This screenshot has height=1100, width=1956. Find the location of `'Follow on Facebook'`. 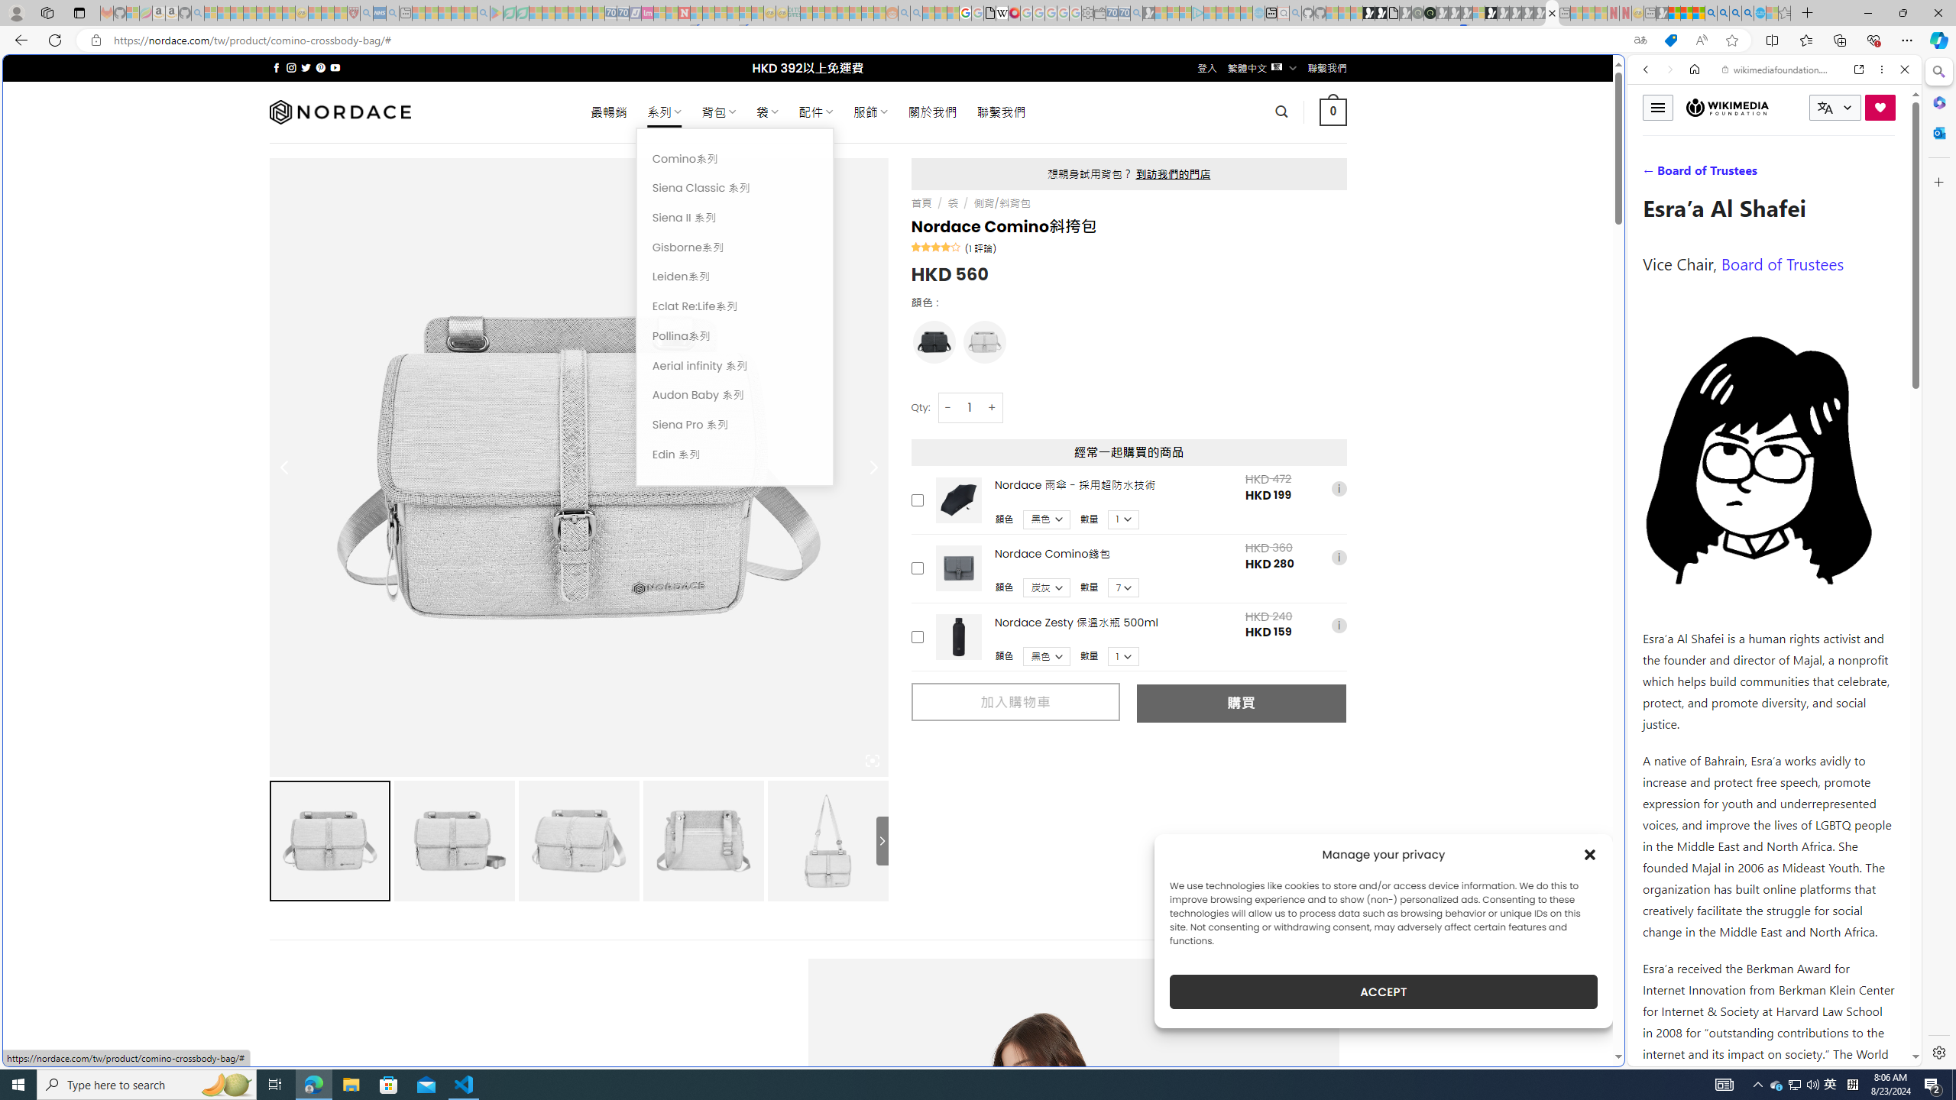

'Follow on Facebook' is located at coordinates (277, 67).